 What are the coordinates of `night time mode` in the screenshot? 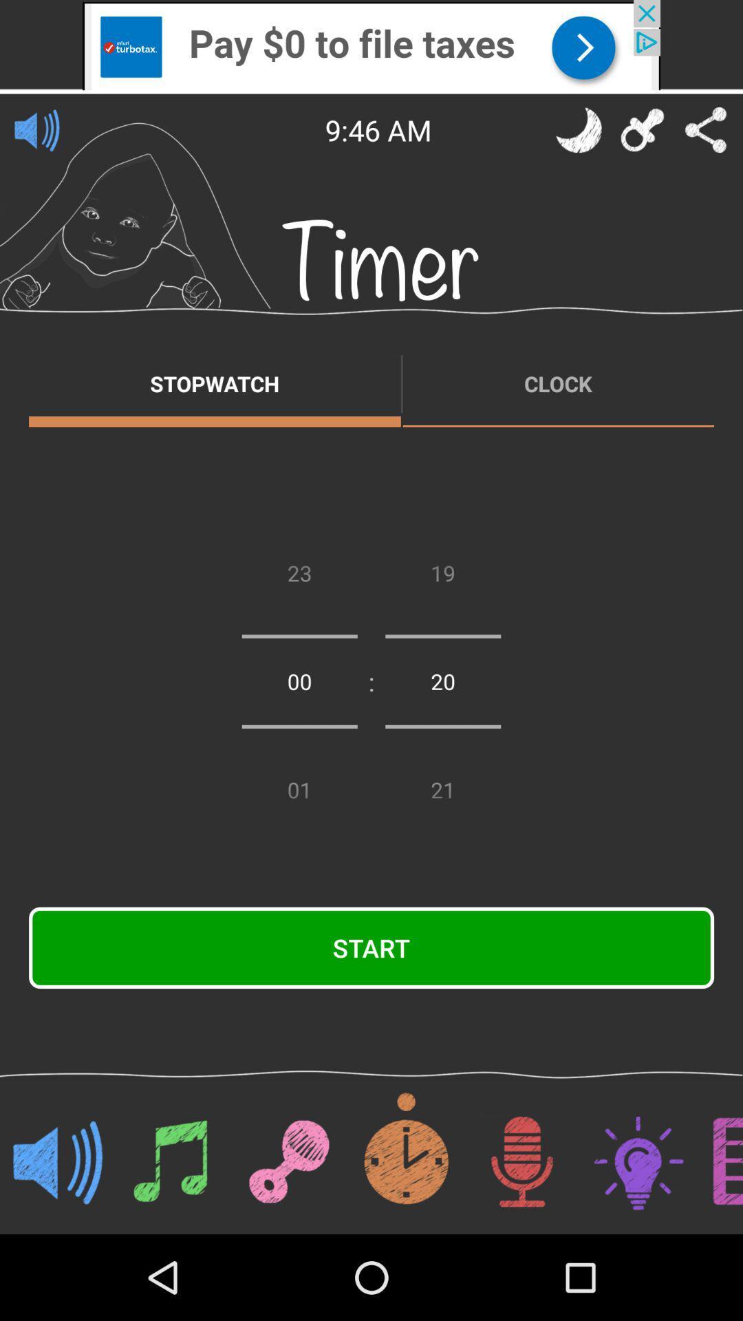 It's located at (579, 129).